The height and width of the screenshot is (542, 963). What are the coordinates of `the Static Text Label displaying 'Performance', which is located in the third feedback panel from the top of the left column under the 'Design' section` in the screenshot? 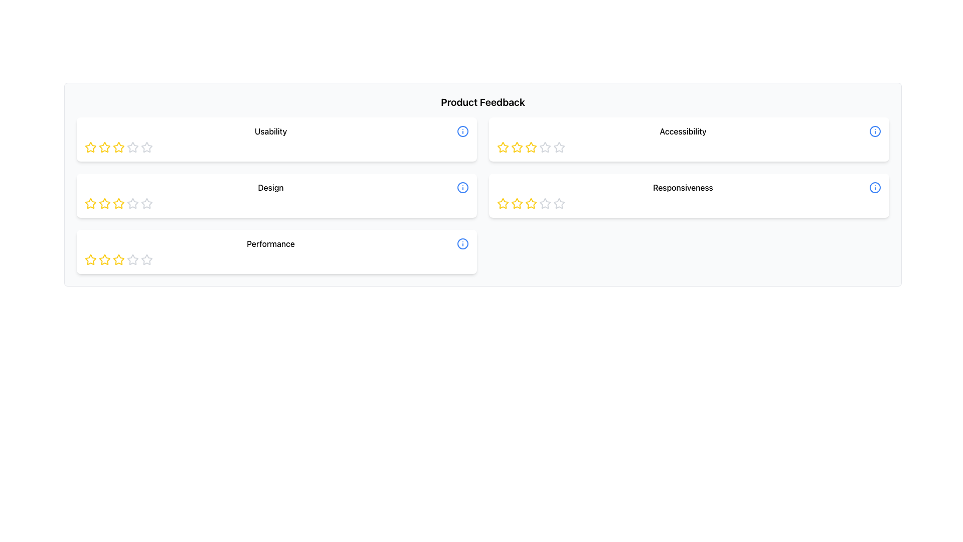 It's located at (270, 244).